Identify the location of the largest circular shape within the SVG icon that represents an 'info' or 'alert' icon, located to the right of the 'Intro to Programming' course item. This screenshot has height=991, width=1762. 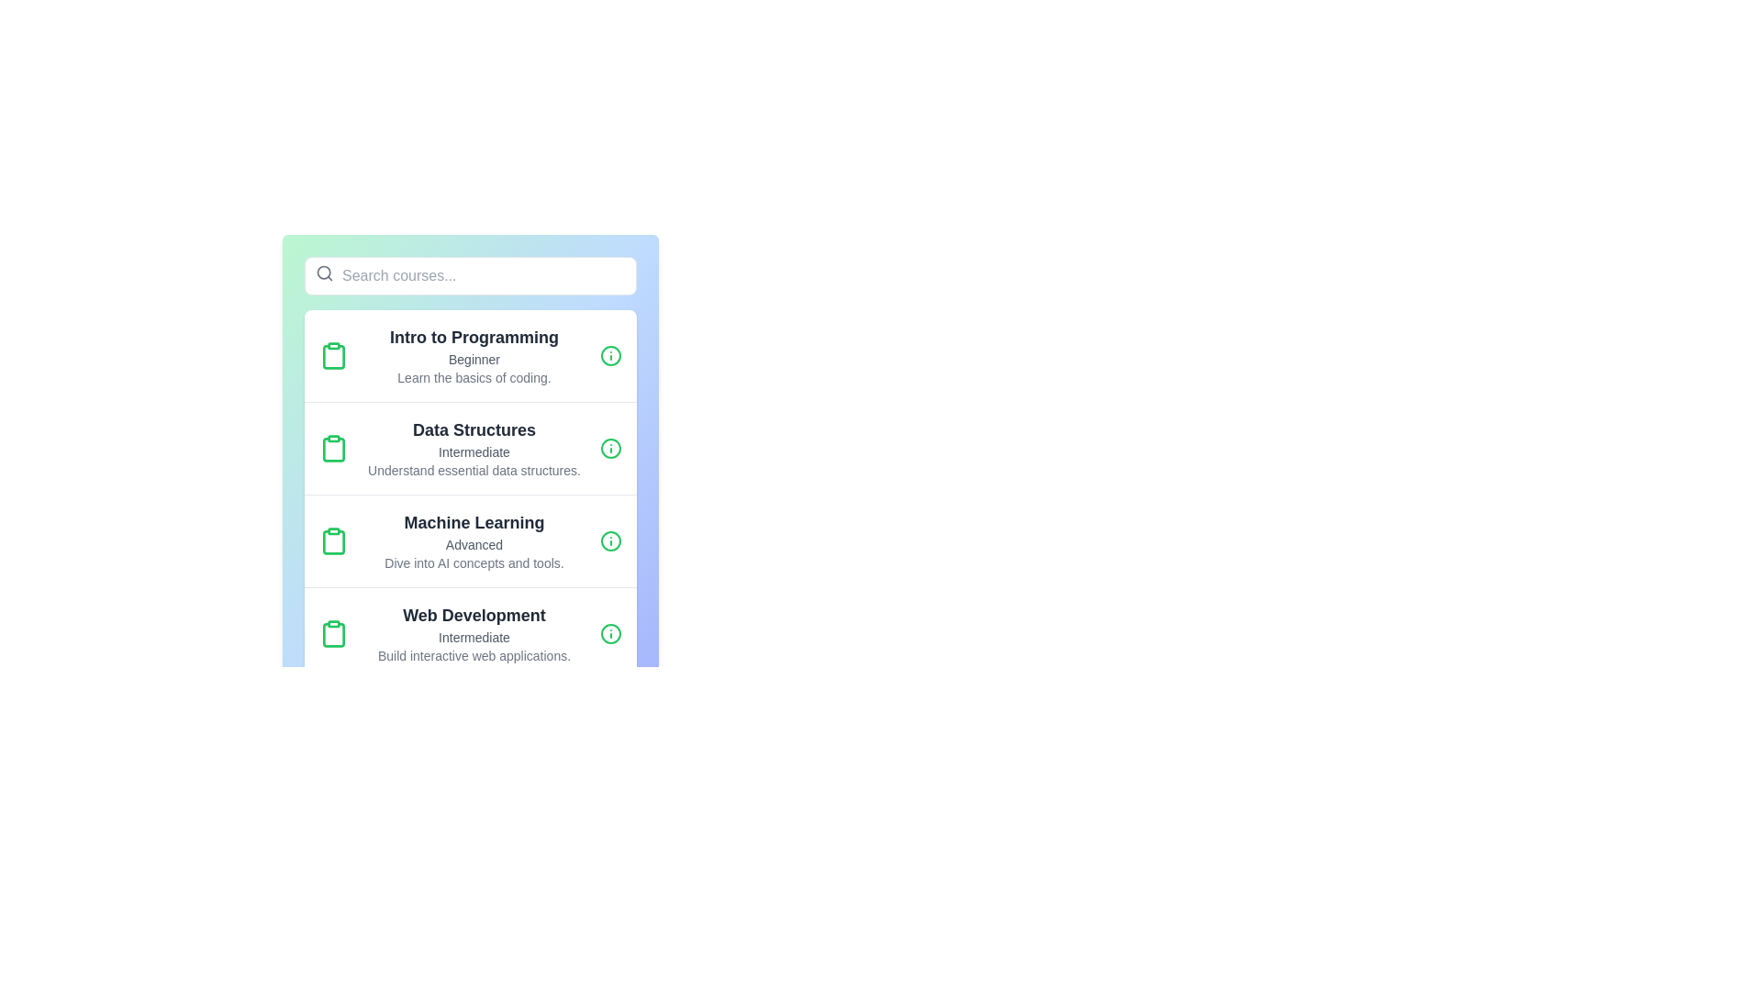
(611, 356).